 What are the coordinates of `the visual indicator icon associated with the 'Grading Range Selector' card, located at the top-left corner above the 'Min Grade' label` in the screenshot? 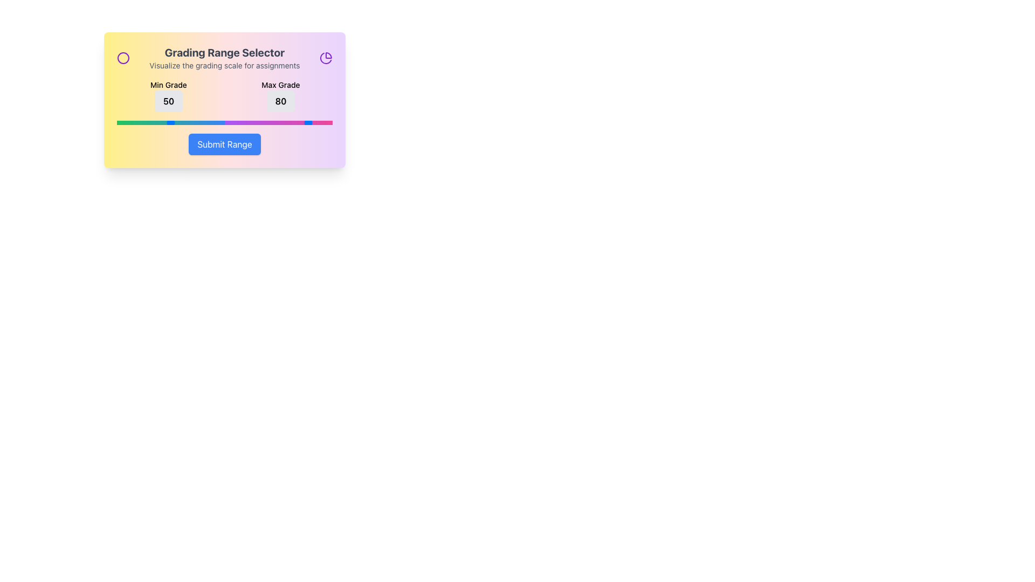 It's located at (123, 58).